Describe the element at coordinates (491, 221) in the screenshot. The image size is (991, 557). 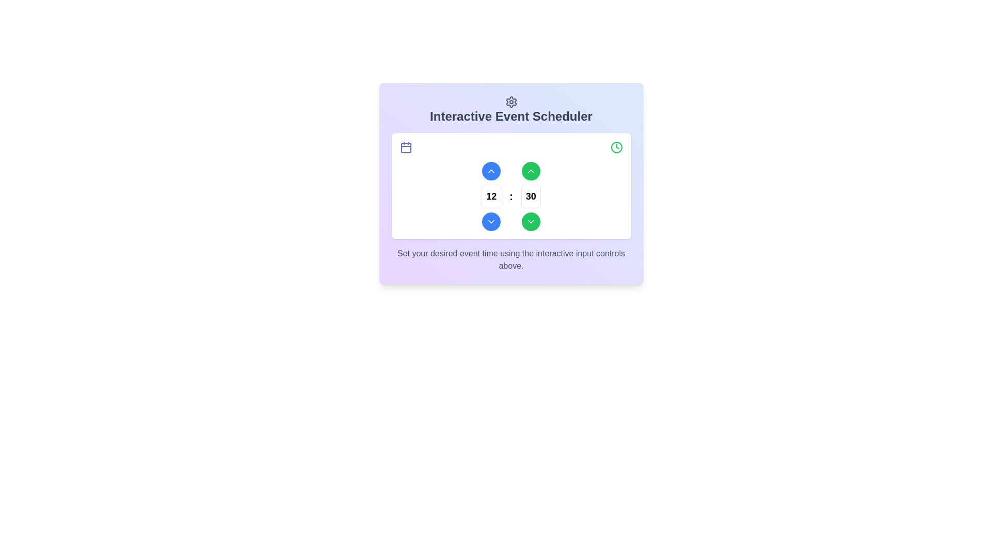
I see `the downward-pointing chevron icon located in the center of the blue circular button below the hour-selector field in the time selector widget` at that location.